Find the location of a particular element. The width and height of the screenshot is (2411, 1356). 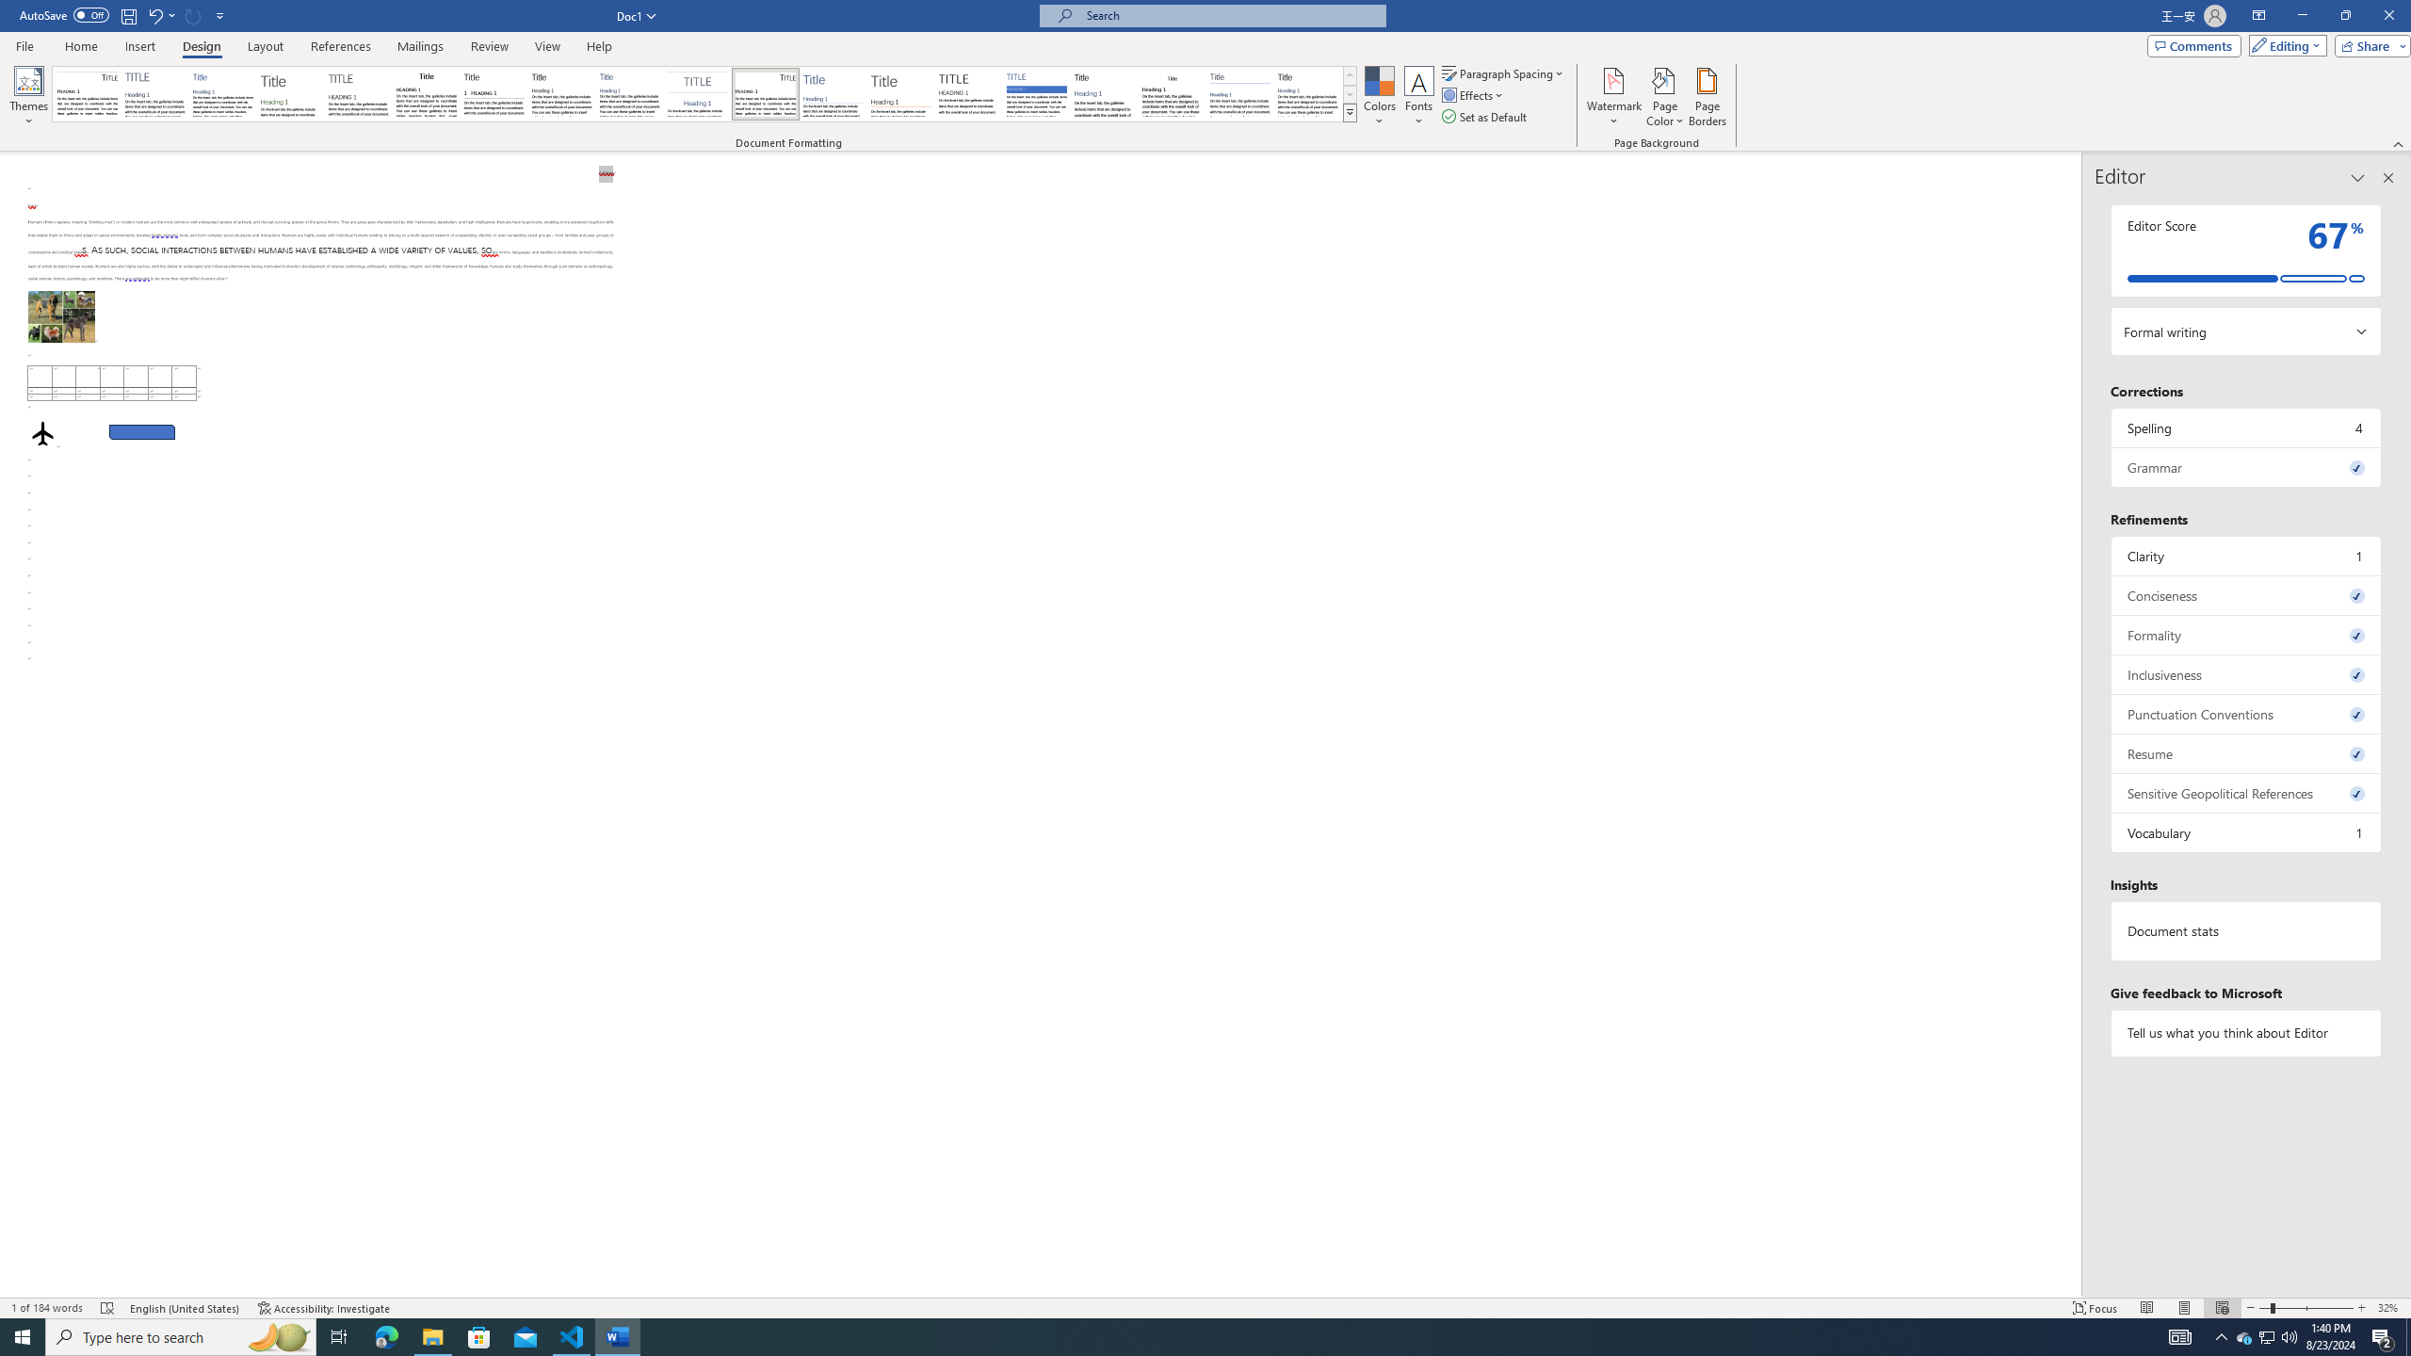

'Conciseness, 0 issues. Press space or enter to review items.' is located at coordinates (2245, 594).